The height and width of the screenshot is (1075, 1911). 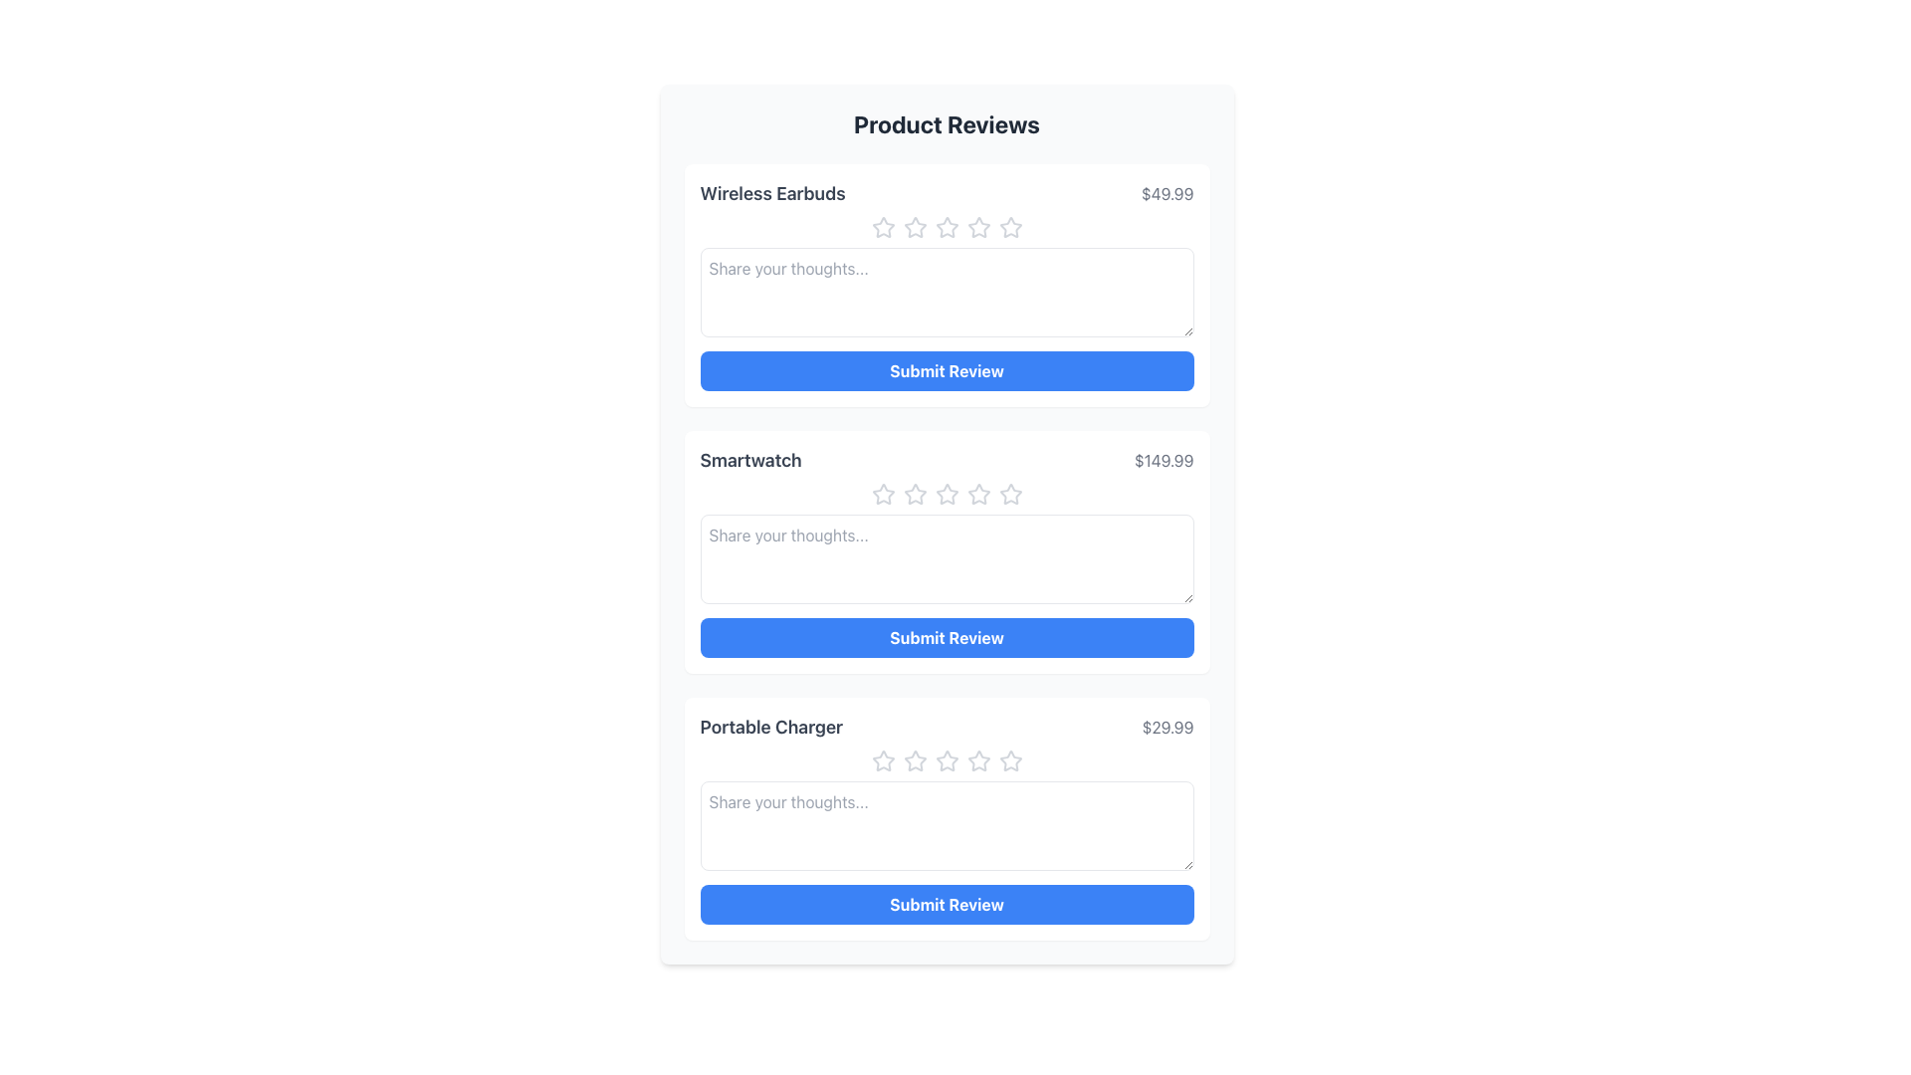 I want to click on the second star in the rating system, so click(x=914, y=226).